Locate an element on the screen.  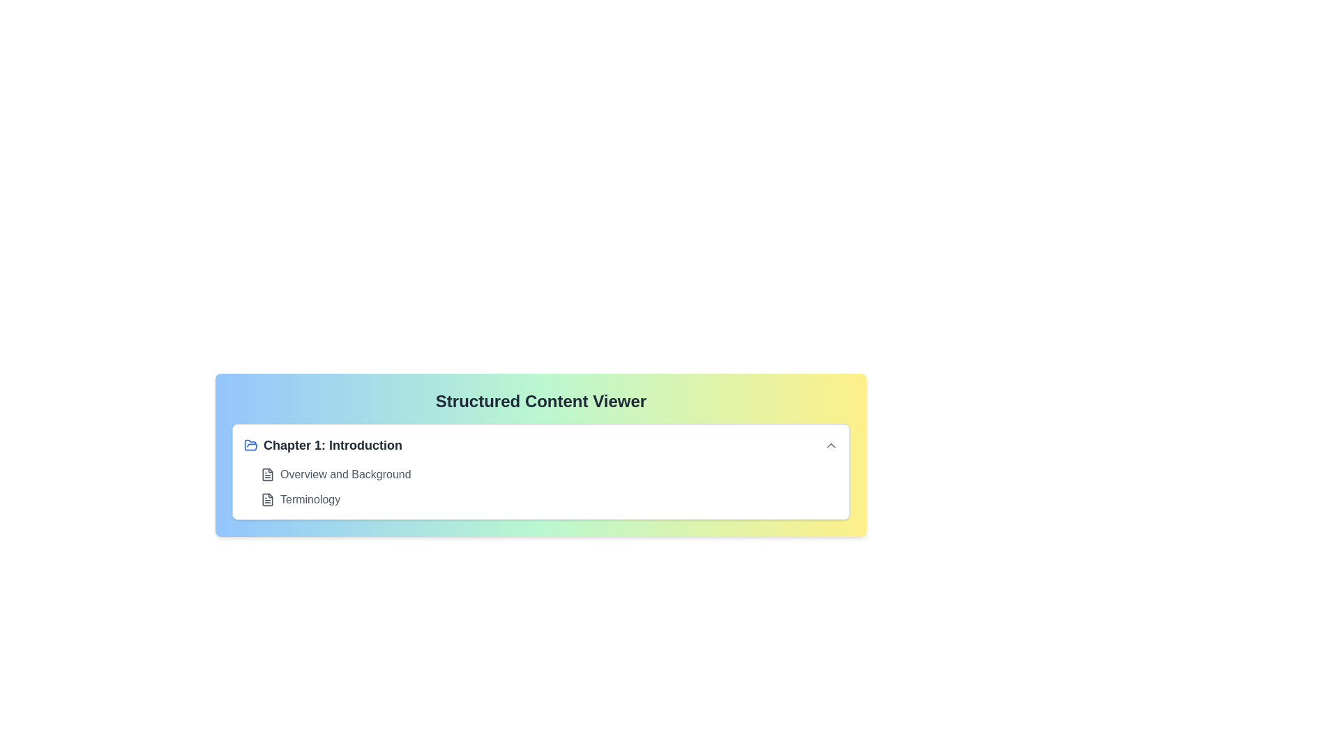
the document symbol icon located at the top-left corner of the structured content viewer, which is stylized as a rectangle with a folded corner is located at coordinates (268, 499).